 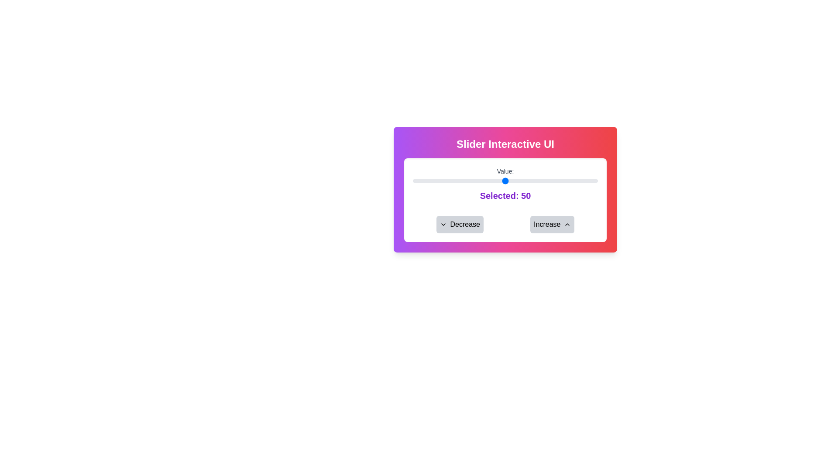 I want to click on the 'Increase' button, which is a rectangular button with a grey background and the text 'Increase' in black, positioned to the right of the 'Decrease' button, so click(x=552, y=224).